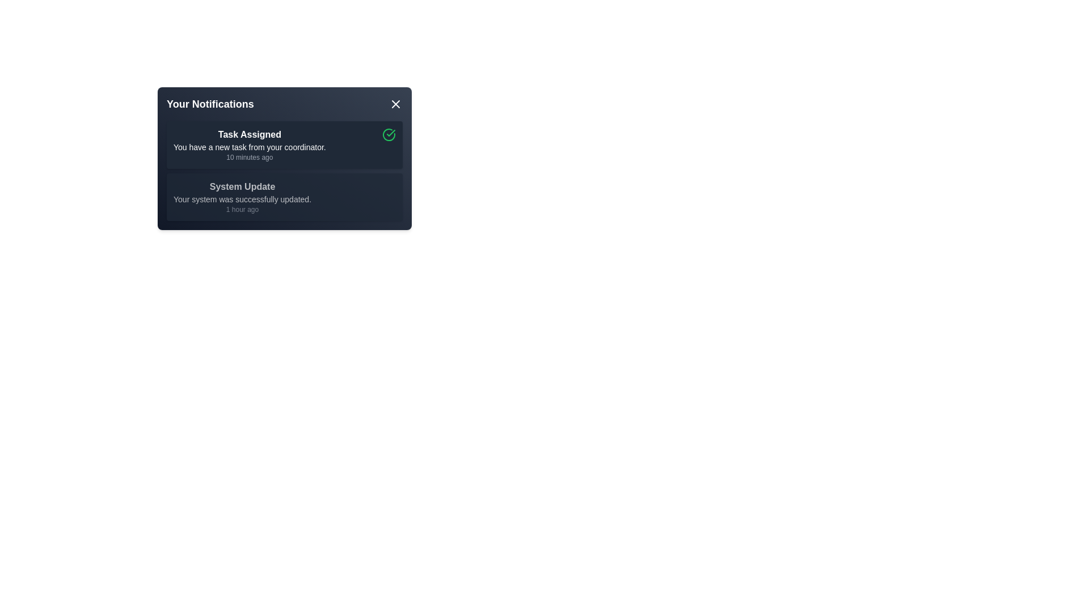 Image resolution: width=1089 pixels, height=612 pixels. Describe the element at coordinates (285, 196) in the screenshot. I see `the Notification box that informs the user about a recent system update, positioned below the 'Task Assigned' notification in the 'Your Notifications' panel` at that location.